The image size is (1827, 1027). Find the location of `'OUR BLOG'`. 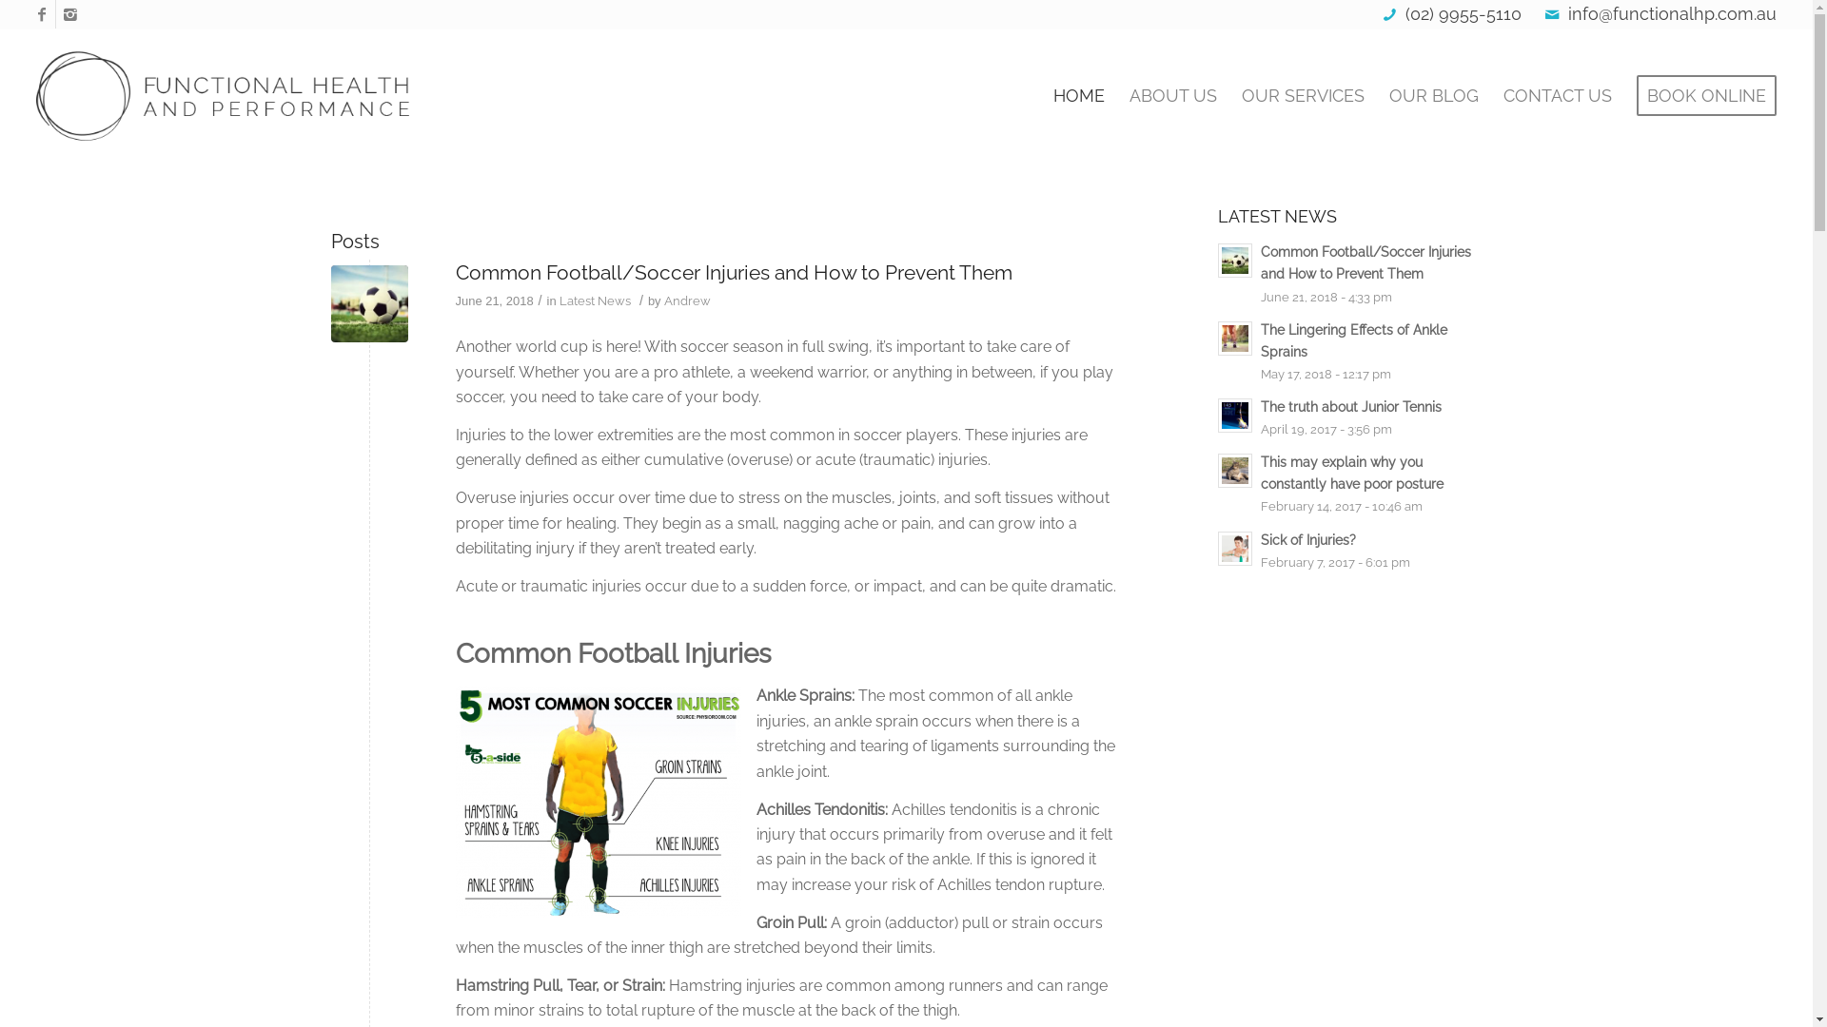

'OUR BLOG' is located at coordinates (1434, 95).